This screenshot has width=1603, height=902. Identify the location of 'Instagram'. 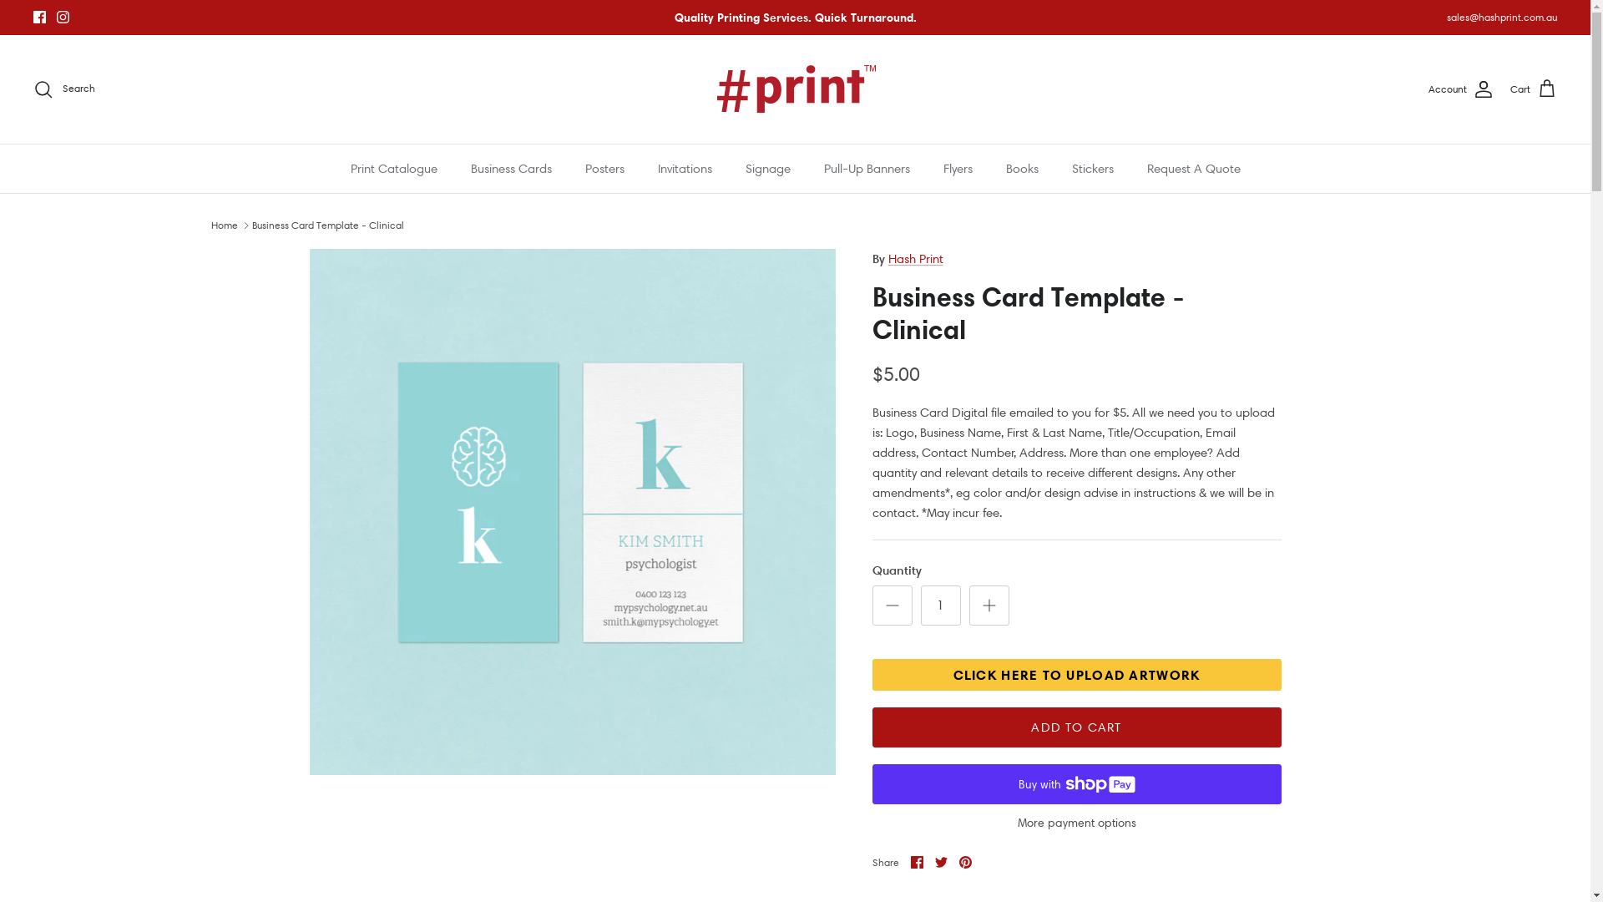
(63, 17).